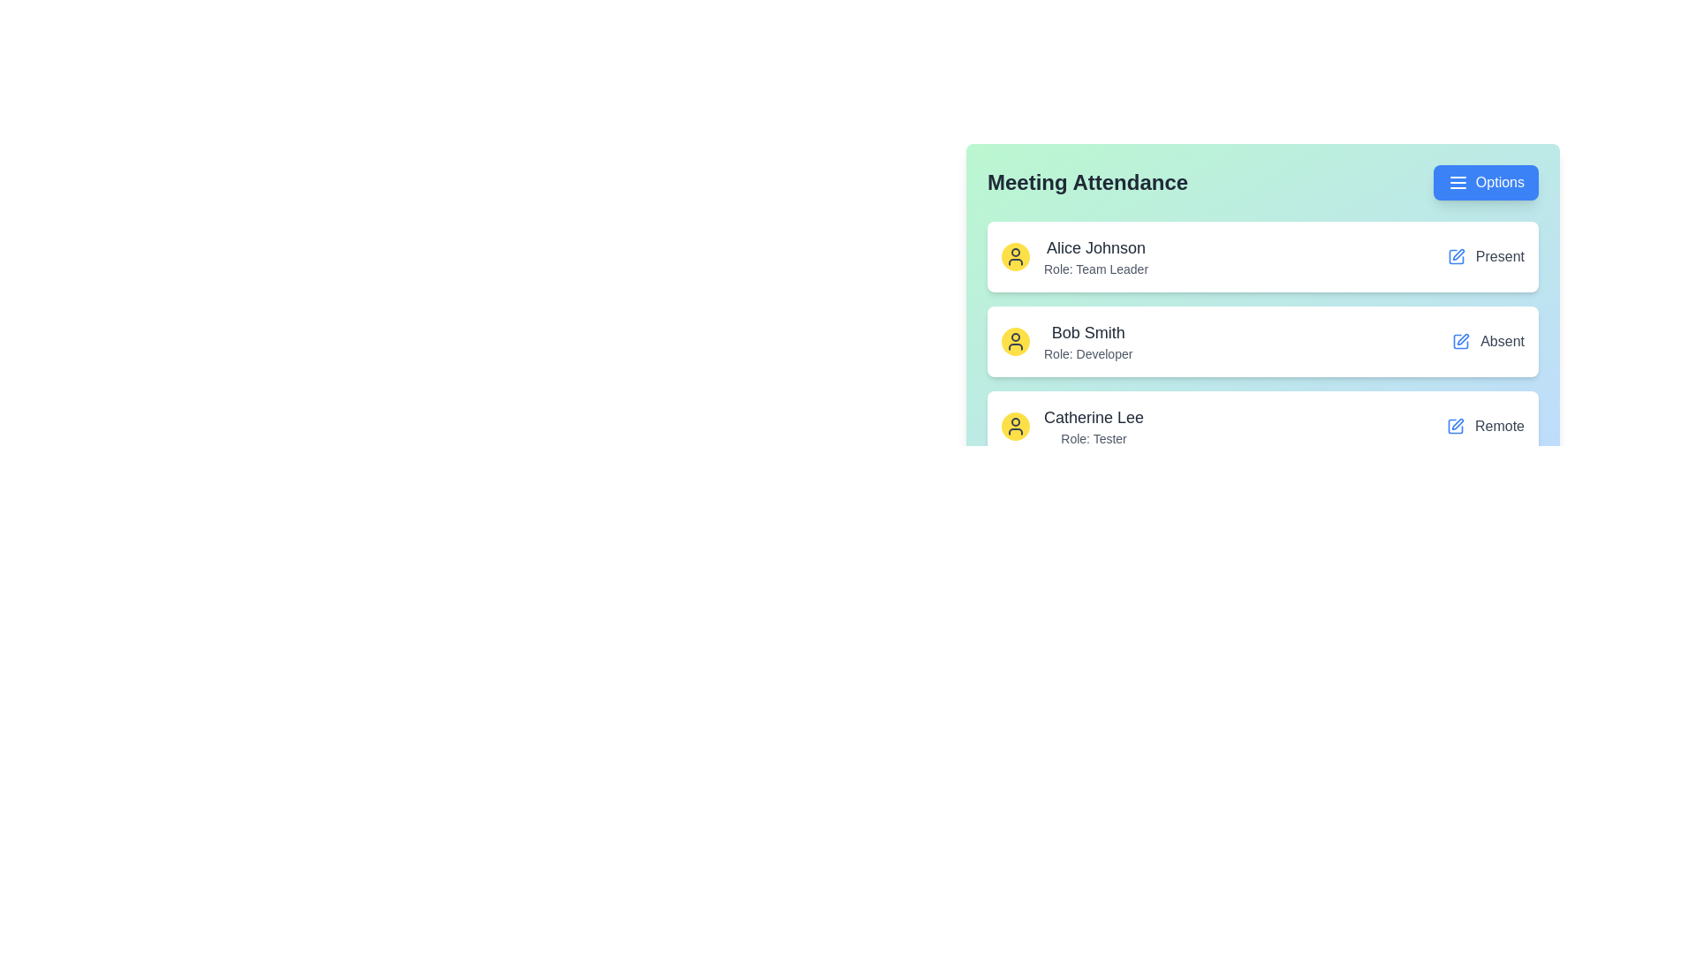 The image size is (1696, 954). I want to click on the Information Row displaying 'Bob Smith', a Developer who is Absent, so click(1262, 341).